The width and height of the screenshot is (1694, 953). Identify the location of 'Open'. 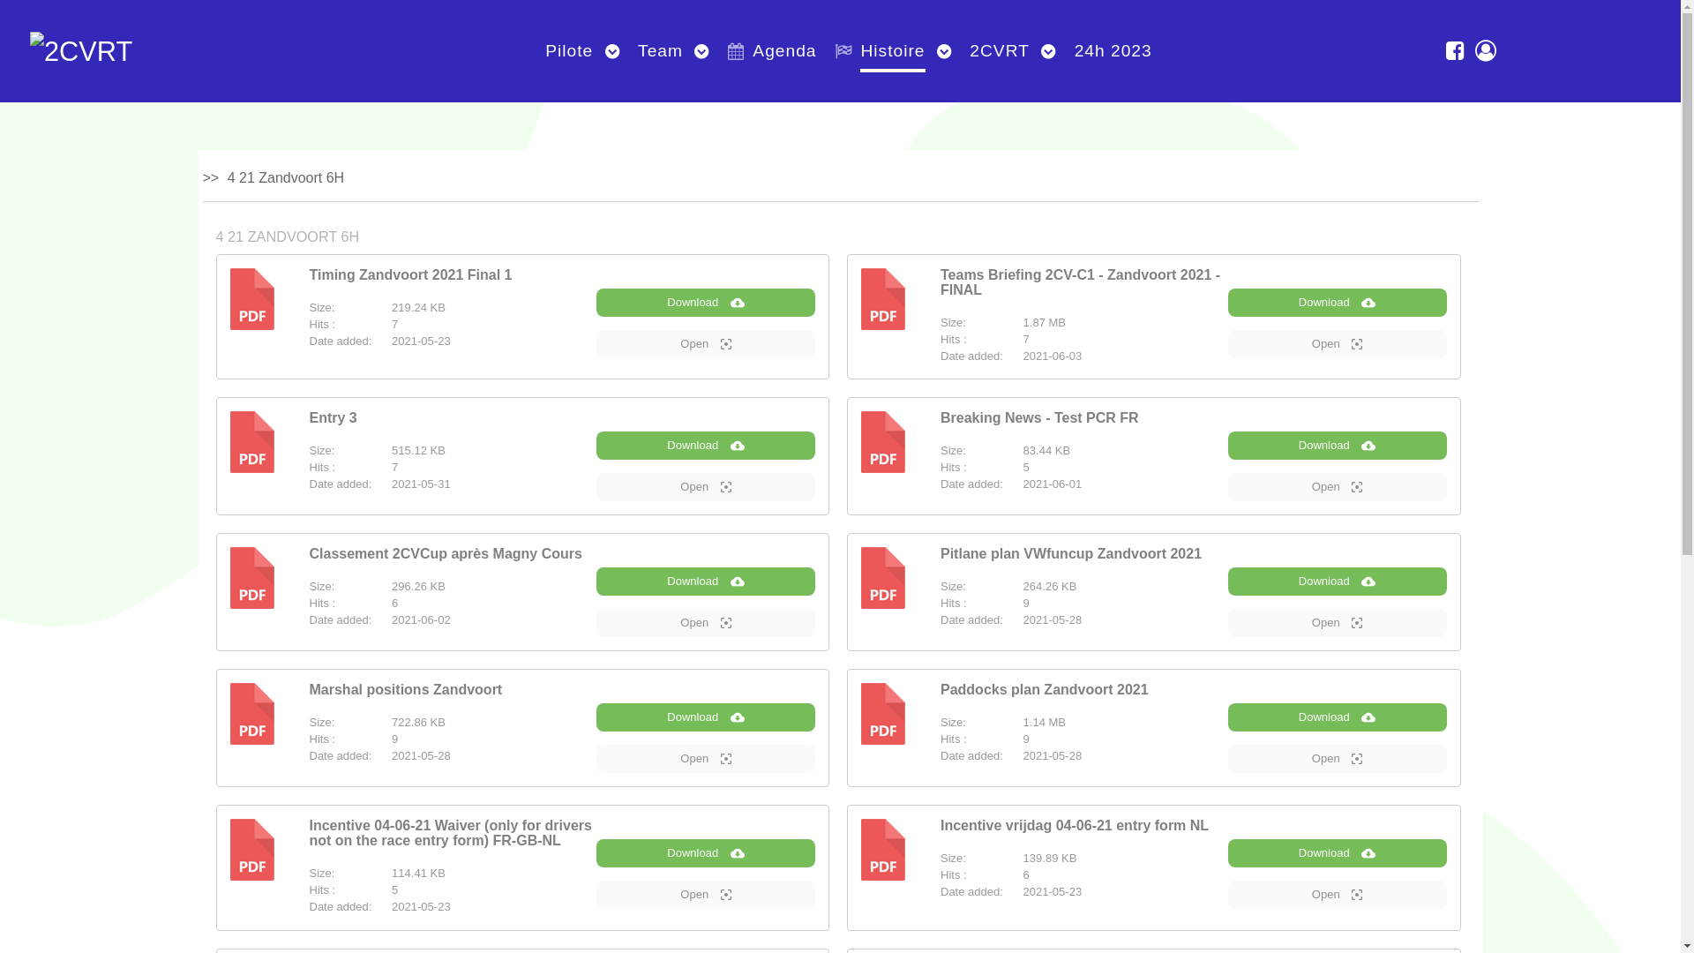
(1338, 895).